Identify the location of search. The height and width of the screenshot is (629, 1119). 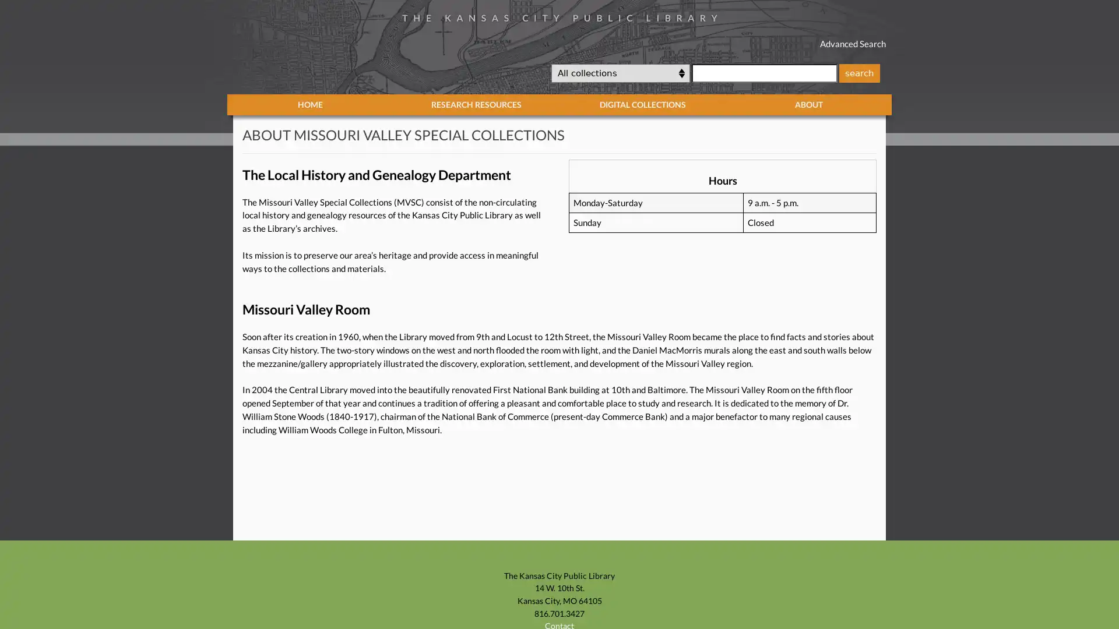
(858, 72).